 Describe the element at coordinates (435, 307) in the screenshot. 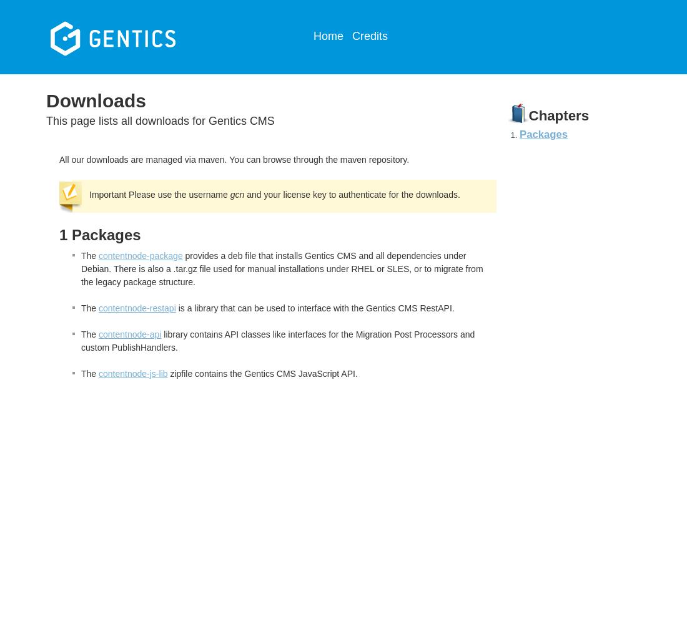

I see `'RestAPI.'` at that location.